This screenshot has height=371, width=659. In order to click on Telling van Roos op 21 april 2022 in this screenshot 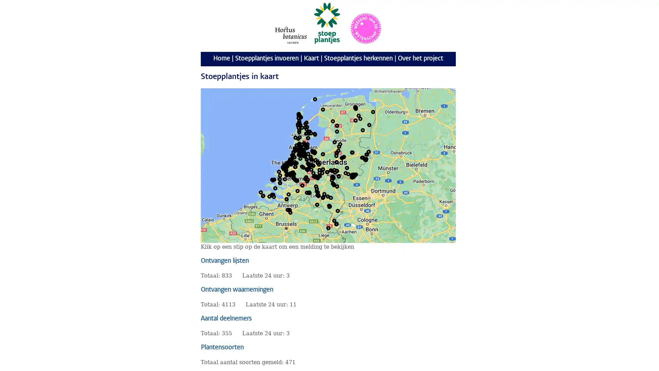, I will do `click(303, 151)`.